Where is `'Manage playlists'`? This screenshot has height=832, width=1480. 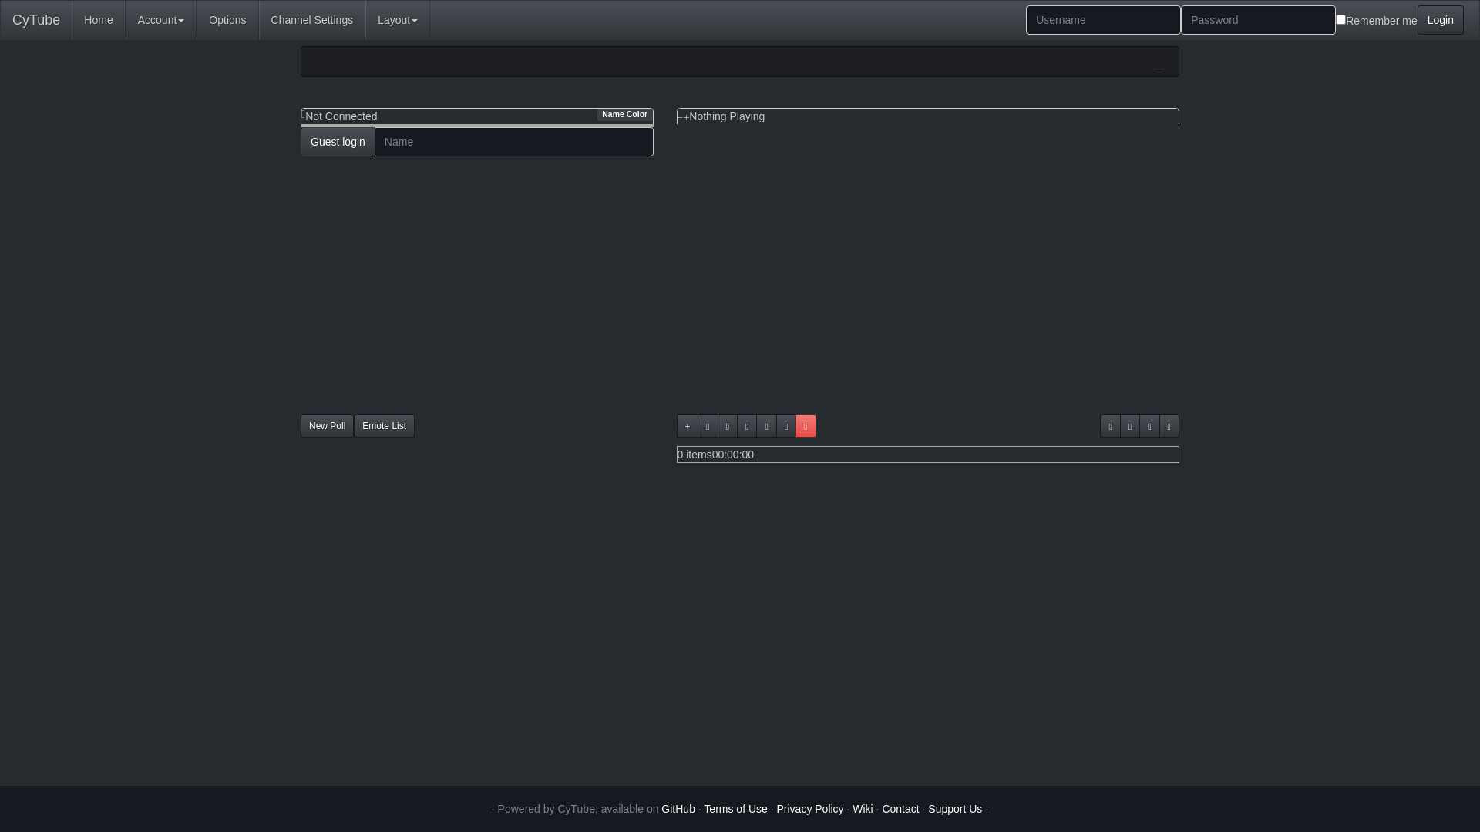
'Manage playlists' is located at coordinates (747, 425).